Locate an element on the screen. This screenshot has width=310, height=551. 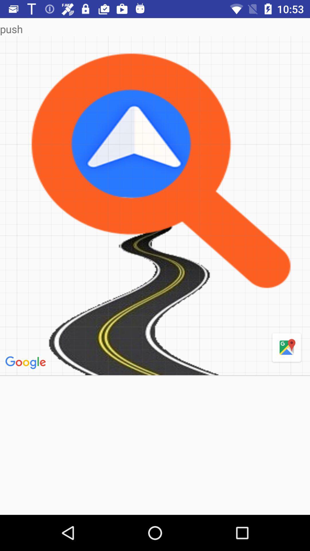
the icon at the center is located at coordinates (155, 205).